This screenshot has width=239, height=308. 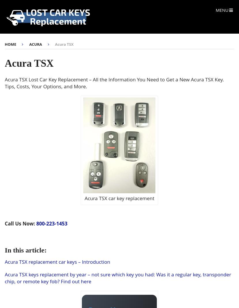 I want to click on 'Acura TSX Lost Car Key Replacement – All the Information You Need to Get a New Acura TSX Key. Tips, Costs, Your Options, and More.', so click(x=114, y=83).